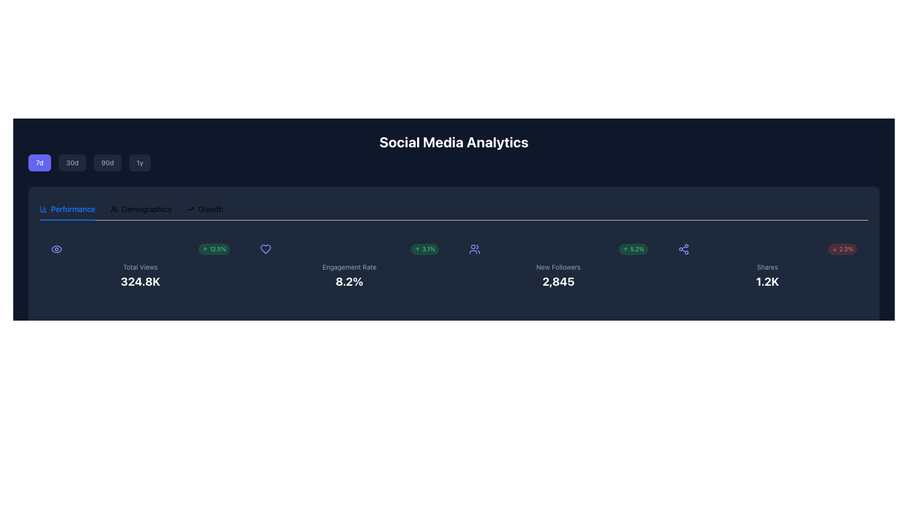 The width and height of the screenshot is (908, 510). I want to click on the stylized eye icon in the performance section of the dashboard, so click(56, 249).